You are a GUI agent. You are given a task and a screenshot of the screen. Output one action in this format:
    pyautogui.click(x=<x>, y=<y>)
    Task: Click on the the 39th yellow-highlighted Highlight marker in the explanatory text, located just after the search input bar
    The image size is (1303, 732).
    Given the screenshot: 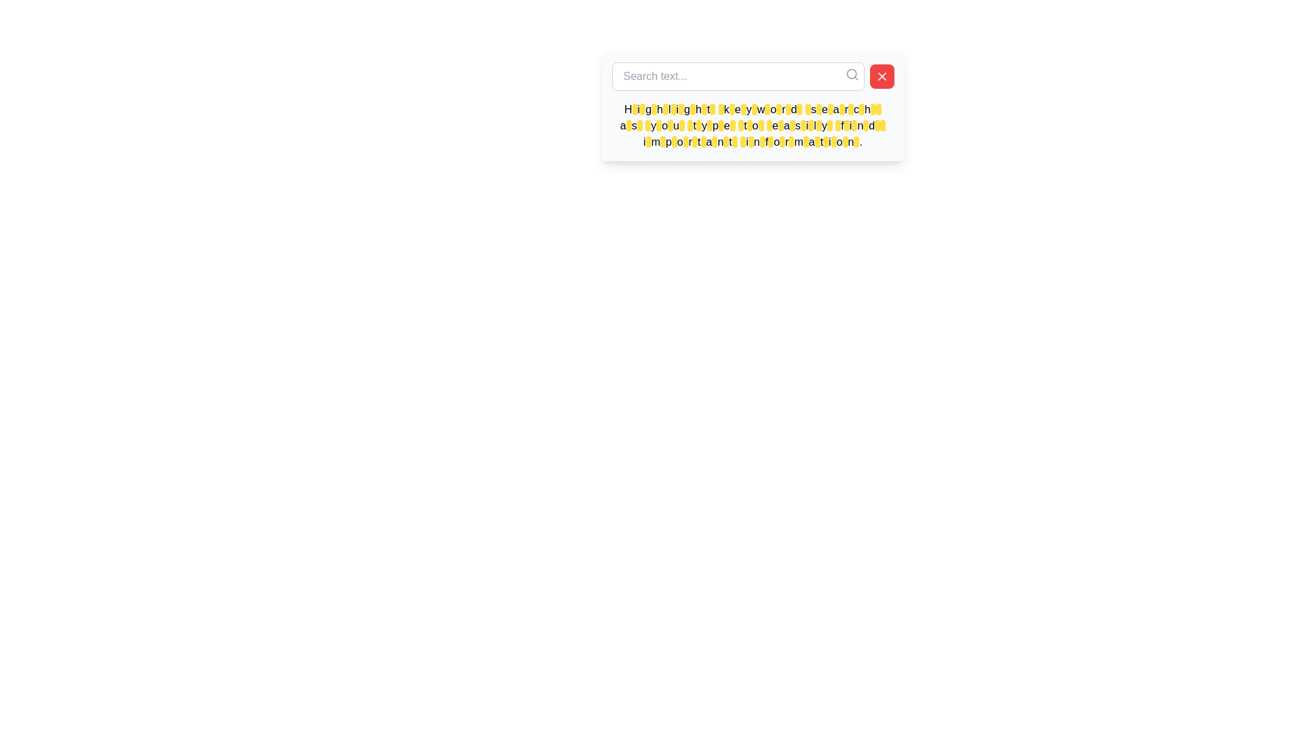 What is the action you would take?
    pyautogui.click(x=844, y=142)
    